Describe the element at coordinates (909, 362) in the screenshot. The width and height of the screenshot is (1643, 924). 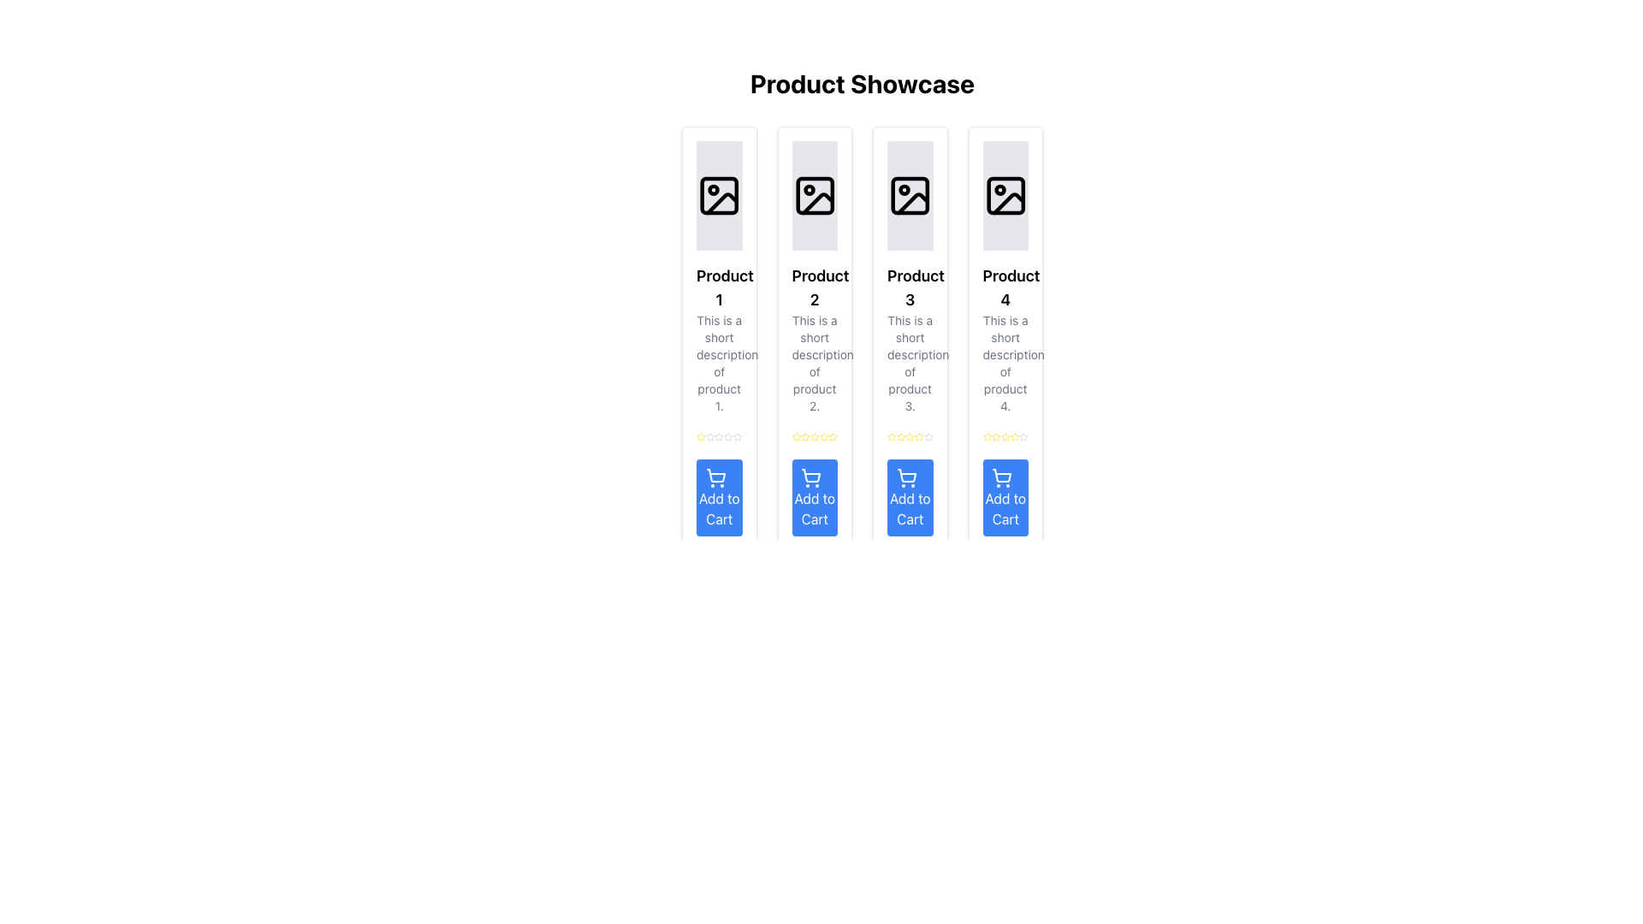
I see `descriptive text block about 'Product 3' located below the title in the third card of the product grid` at that location.